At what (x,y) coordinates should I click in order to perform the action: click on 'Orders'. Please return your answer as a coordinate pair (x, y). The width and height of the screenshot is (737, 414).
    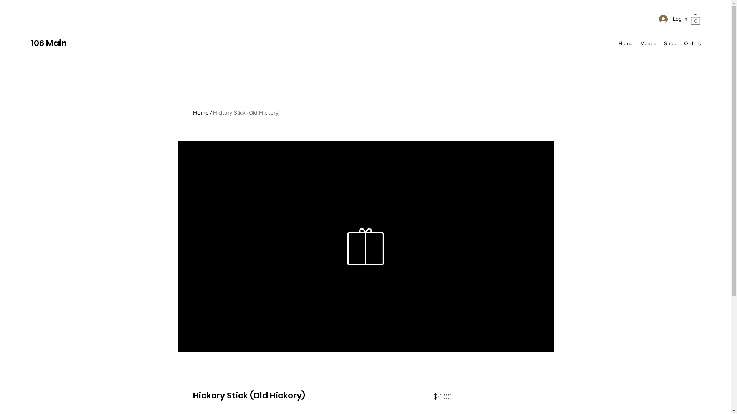
    Looking at the image, I should click on (680, 43).